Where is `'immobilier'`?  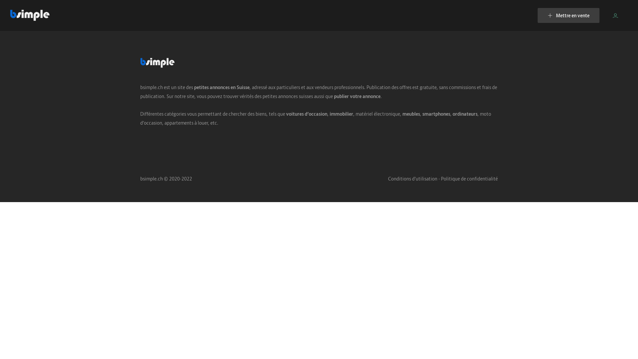
'immobilier' is located at coordinates (341, 113).